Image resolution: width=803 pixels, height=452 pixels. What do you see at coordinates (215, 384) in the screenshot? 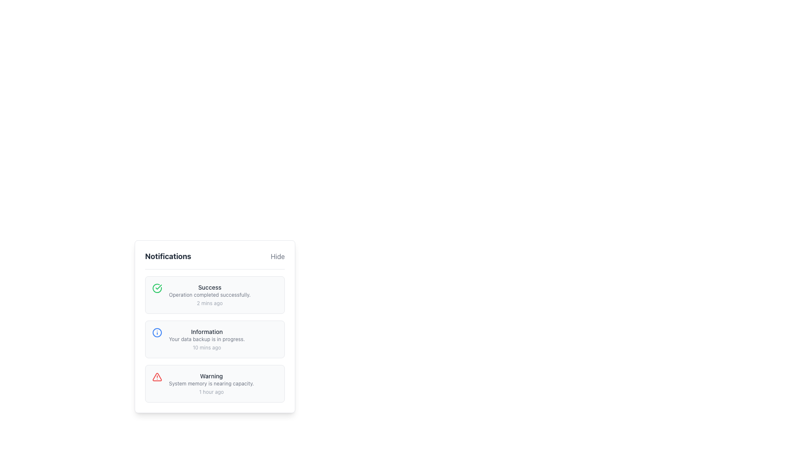
I see `the warning message displayed in the third notification card of the notifications panel that alerts about nearing memory capacity` at bounding box center [215, 384].